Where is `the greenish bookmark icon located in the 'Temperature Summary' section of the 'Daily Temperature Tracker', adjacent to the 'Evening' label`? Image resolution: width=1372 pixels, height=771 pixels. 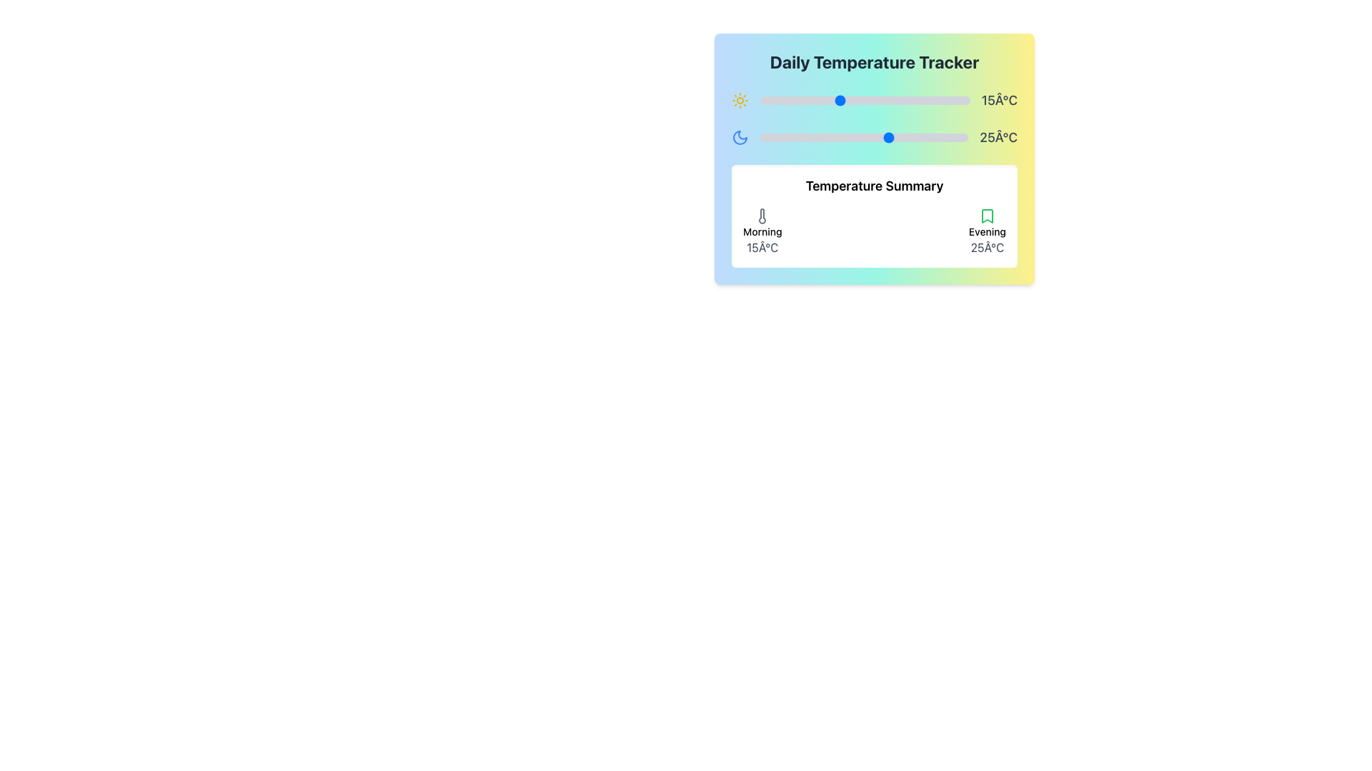 the greenish bookmark icon located in the 'Temperature Summary' section of the 'Daily Temperature Tracker', adjacent to the 'Evening' label is located at coordinates (987, 216).